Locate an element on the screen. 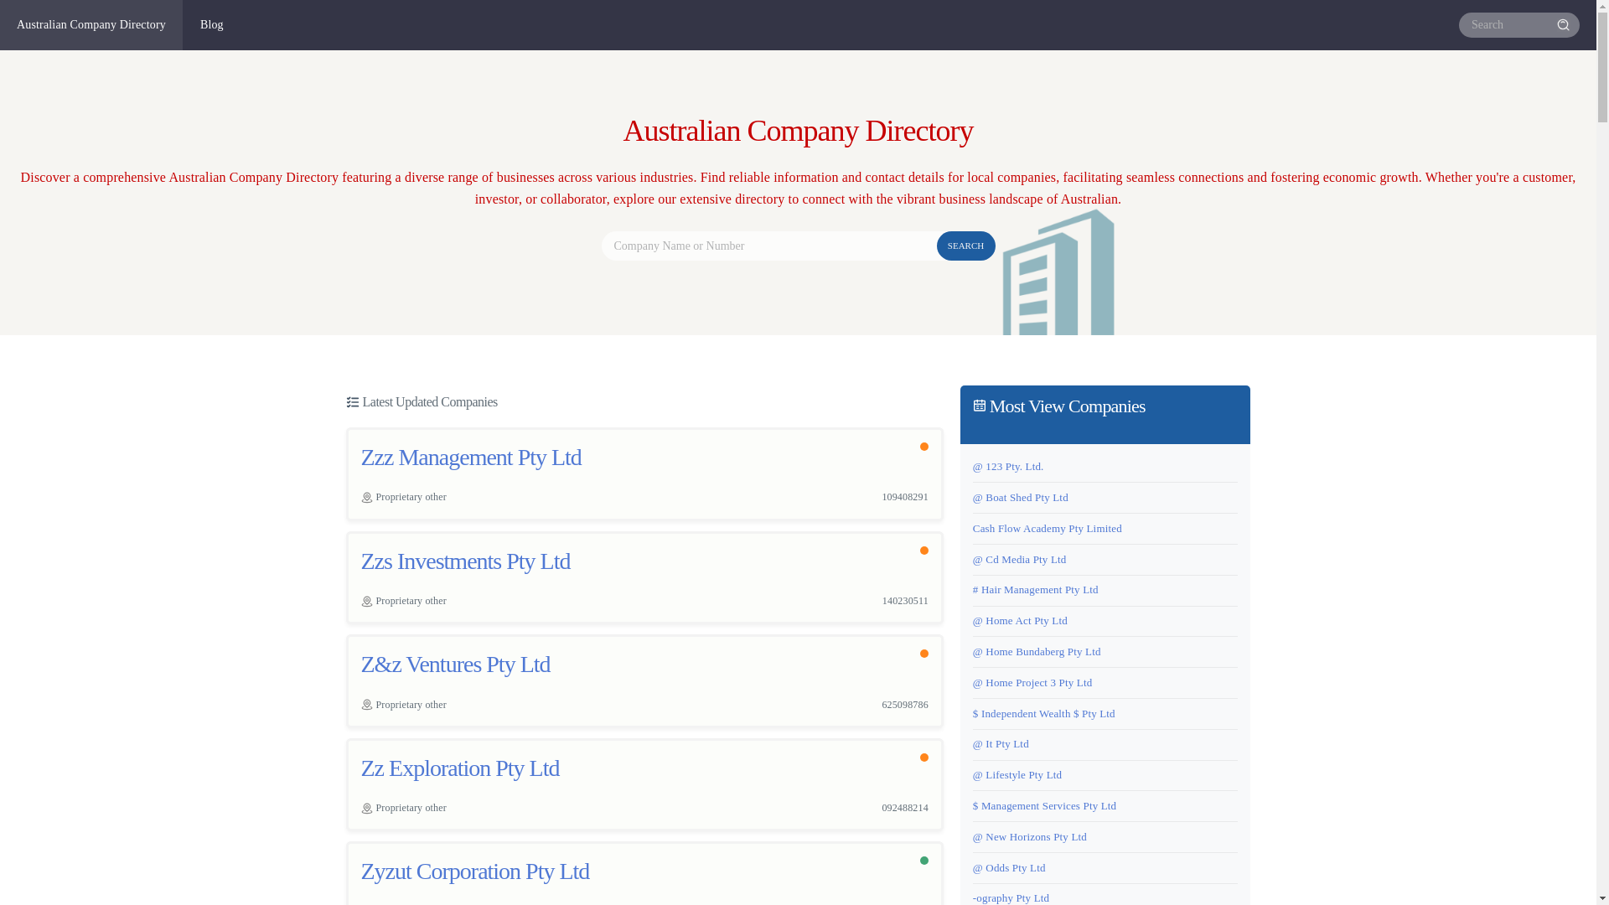  '@ Home Bundaberg Pty Ltd' is located at coordinates (1036, 650).